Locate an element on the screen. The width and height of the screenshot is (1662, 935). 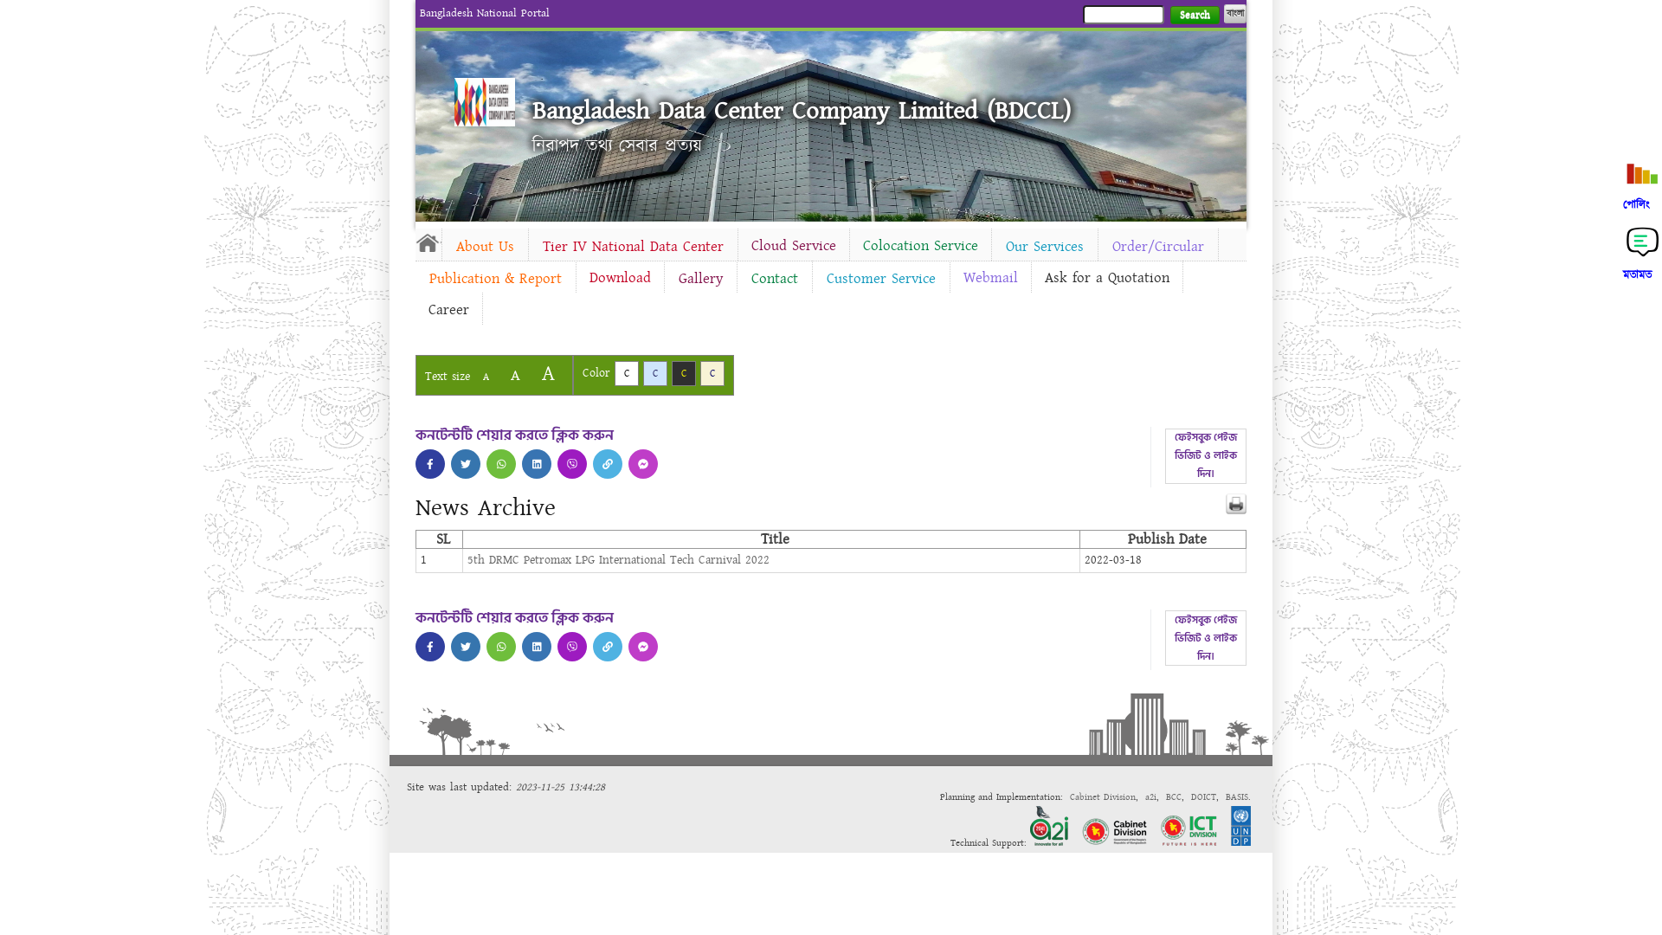
'Customer Service' is located at coordinates (880, 277).